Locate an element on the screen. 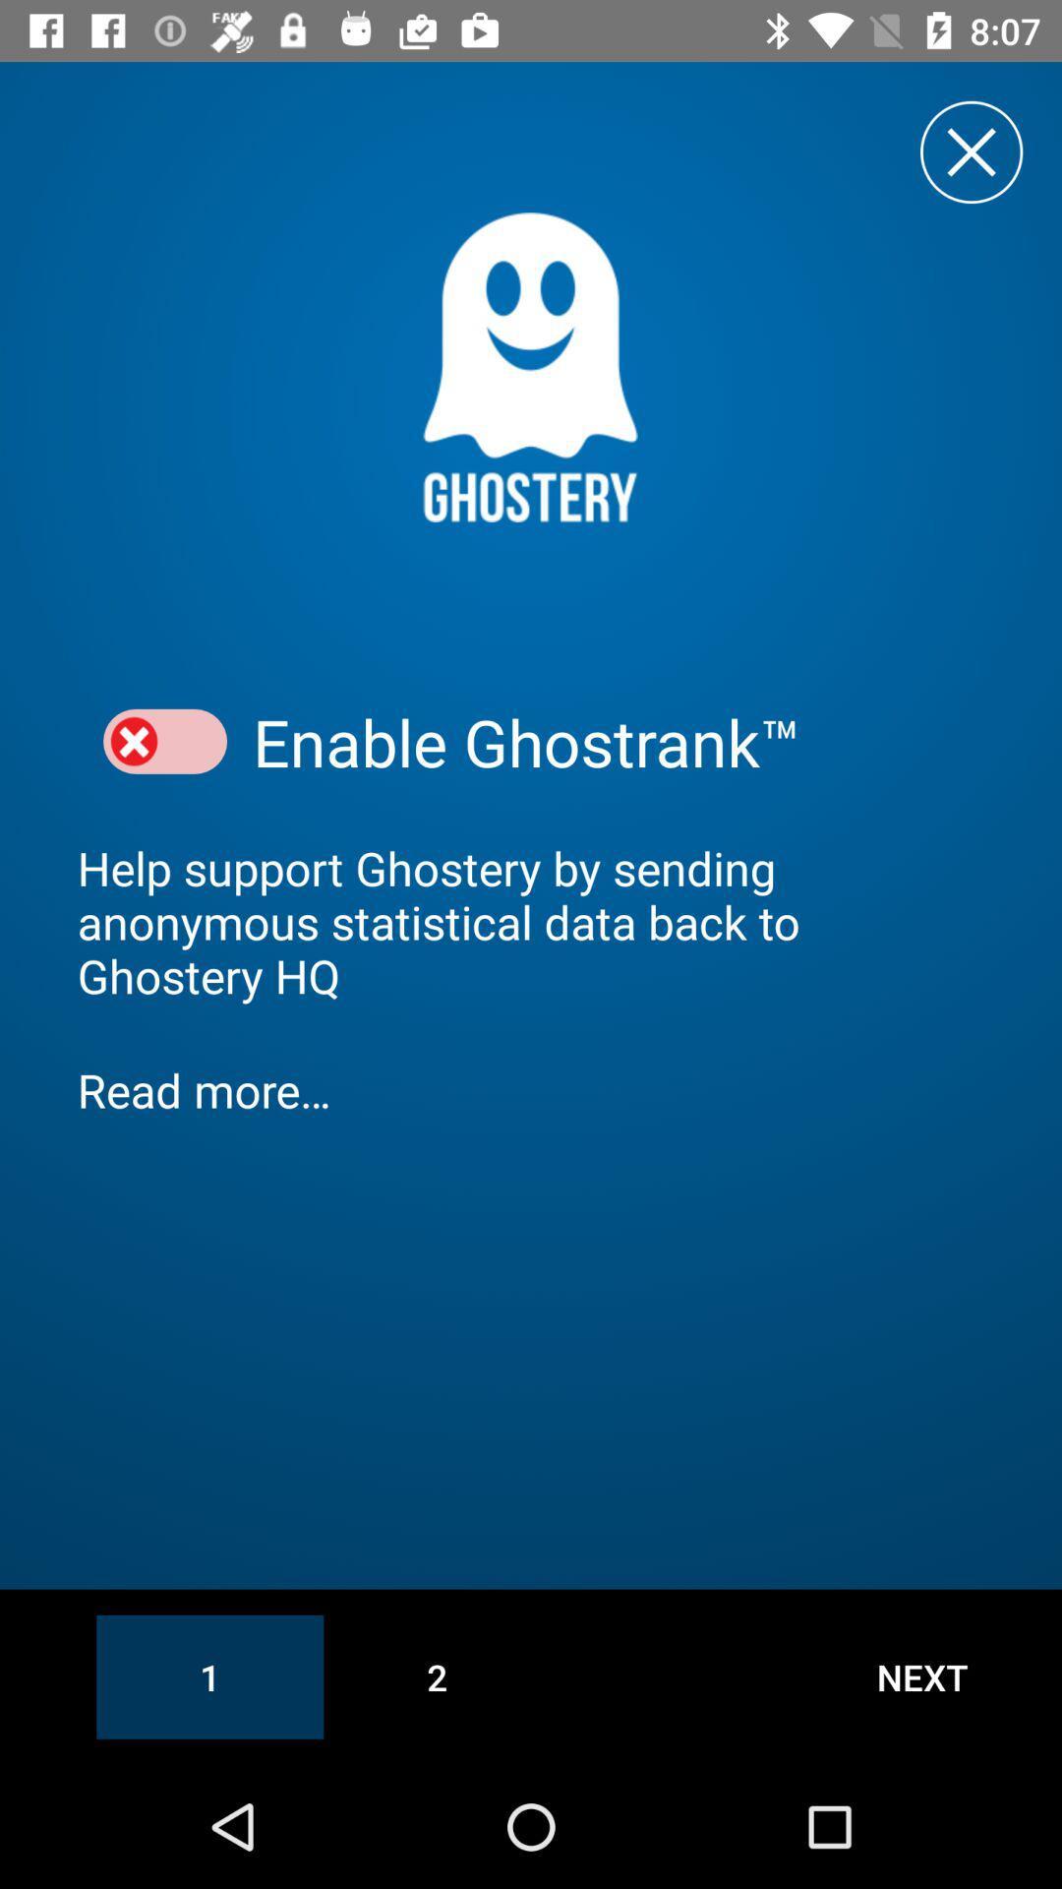 Image resolution: width=1062 pixels, height=1889 pixels. pop-up is located at coordinates (971, 151).